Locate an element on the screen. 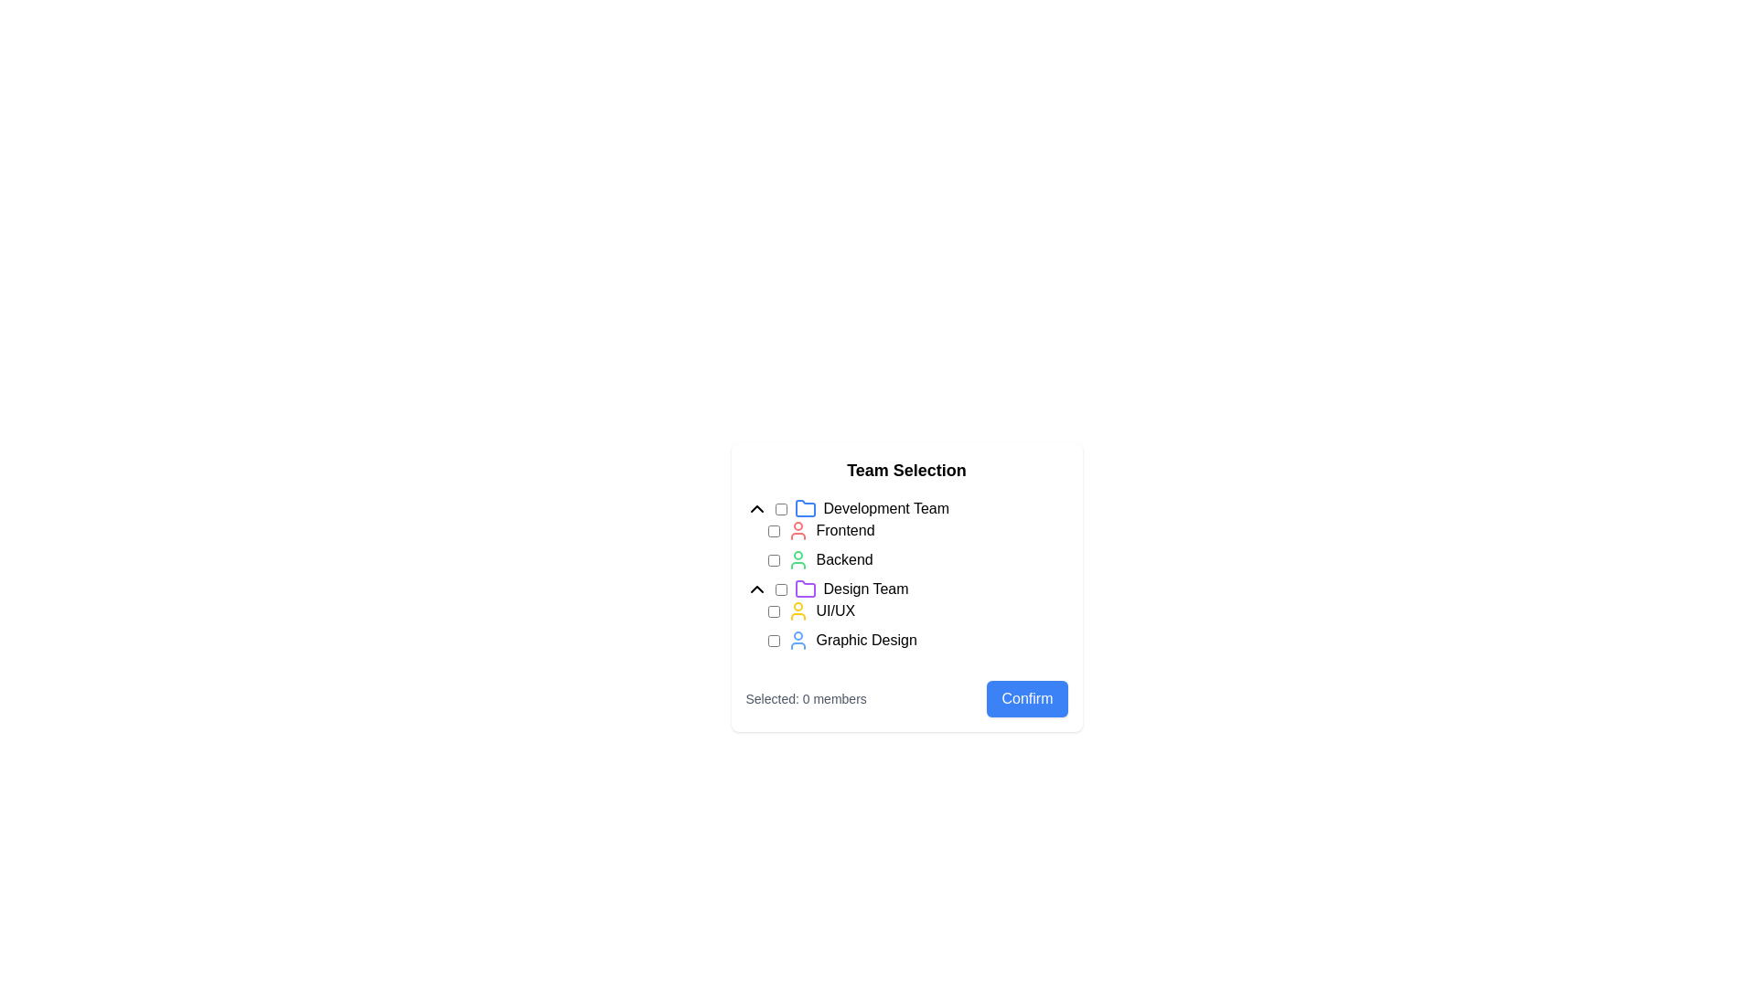 The width and height of the screenshot is (1756, 987). the checkboxes in the modal selection interface is located at coordinates (906, 651).